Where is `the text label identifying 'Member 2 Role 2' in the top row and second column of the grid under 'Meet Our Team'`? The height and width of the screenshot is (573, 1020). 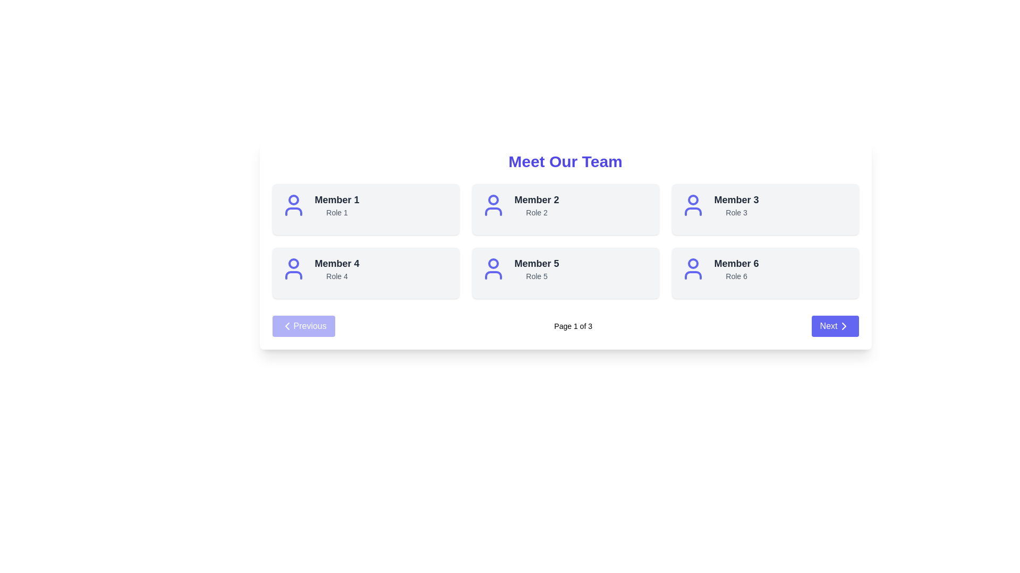 the text label identifying 'Member 2 Role 2' in the top row and second column of the grid under 'Meet Our Team' is located at coordinates (537, 200).